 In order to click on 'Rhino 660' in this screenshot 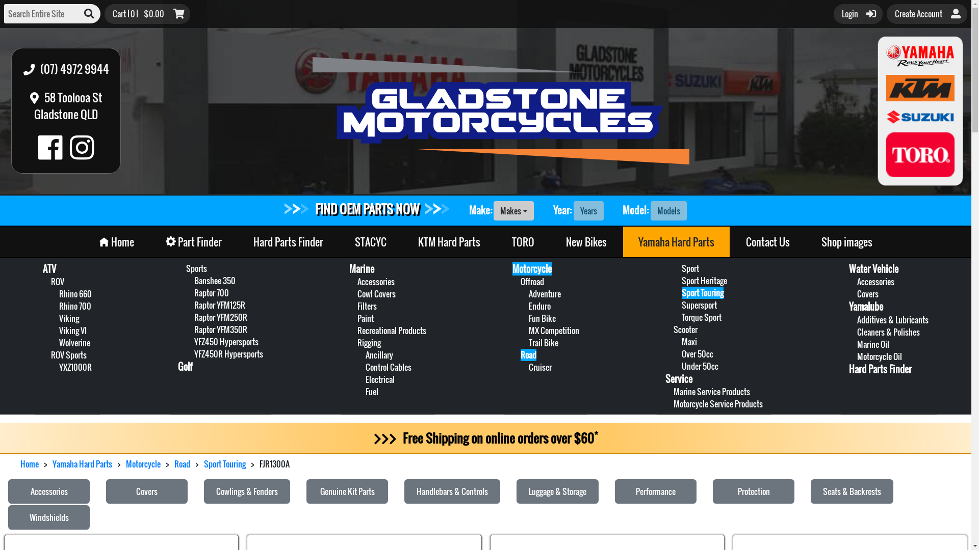, I will do `click(75, 294)`.